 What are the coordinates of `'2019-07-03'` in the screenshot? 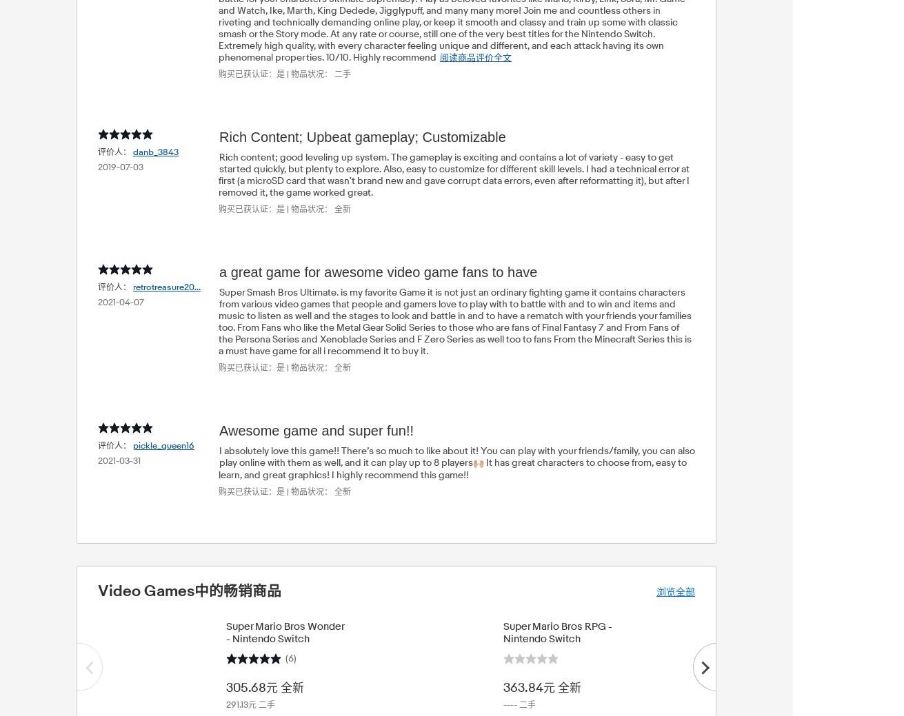 It's located at (120, 166).